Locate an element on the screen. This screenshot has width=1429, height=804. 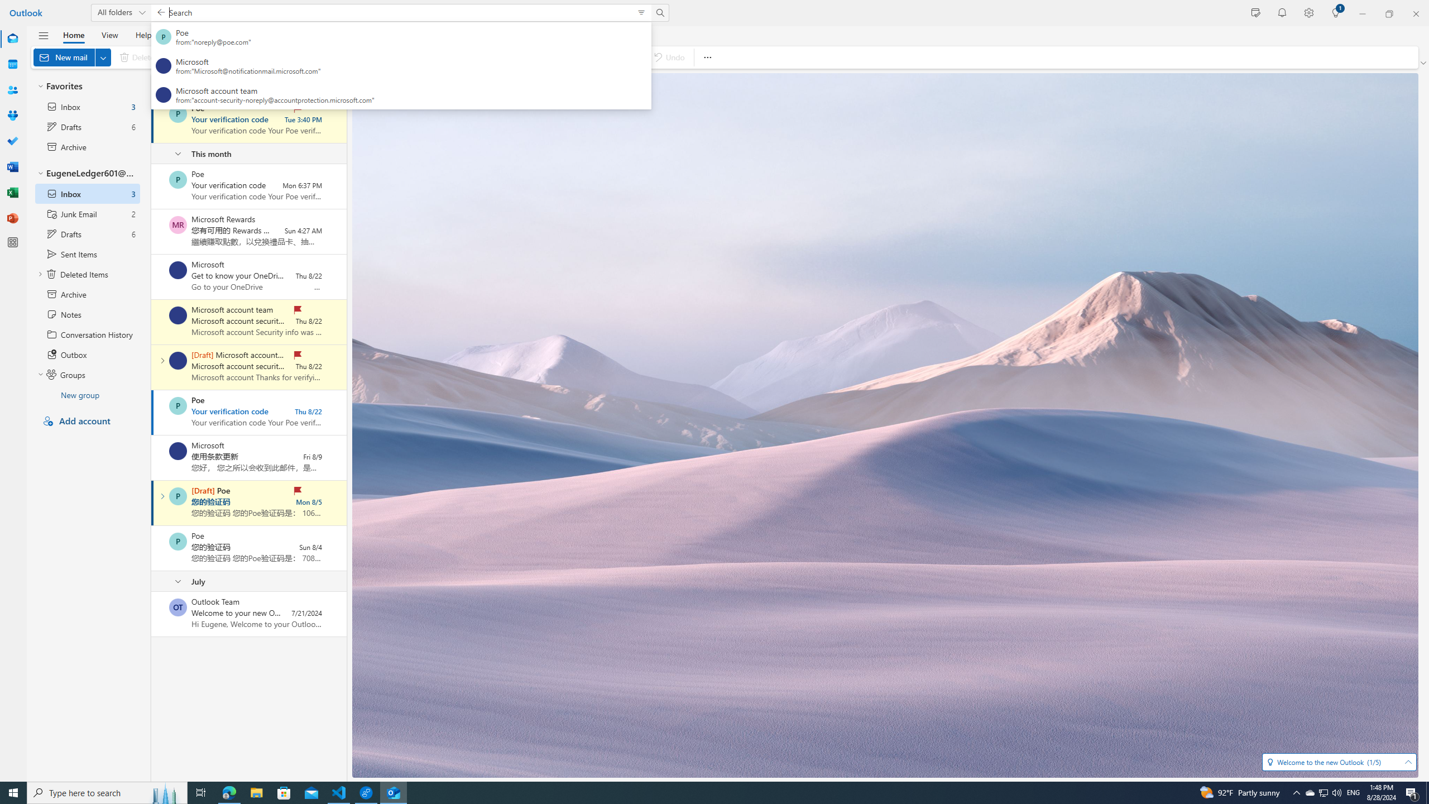
'Mail' is located at coordinates (13, 38).